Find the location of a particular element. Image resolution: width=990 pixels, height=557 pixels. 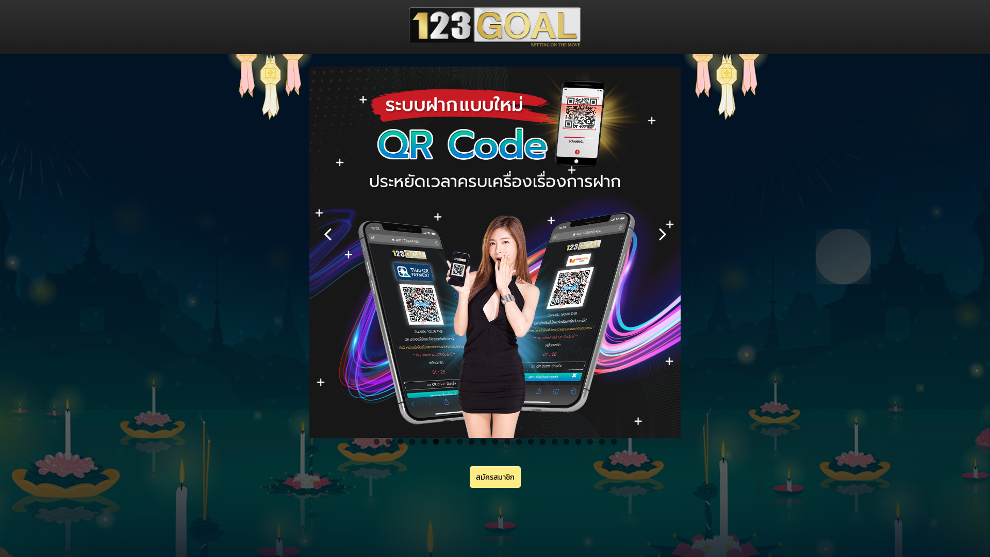

'15' is located at coordinates (541, 441).